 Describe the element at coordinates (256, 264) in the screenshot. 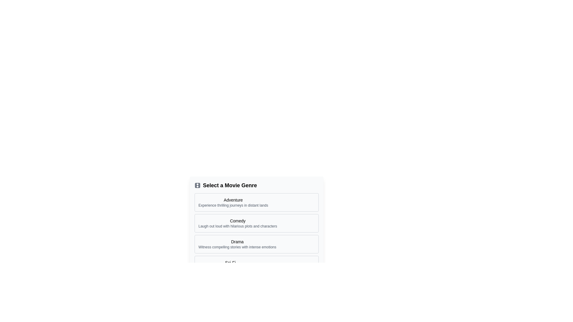

I see `the 'Sci-Fi' button in the vertical list of movie genres` at that location.